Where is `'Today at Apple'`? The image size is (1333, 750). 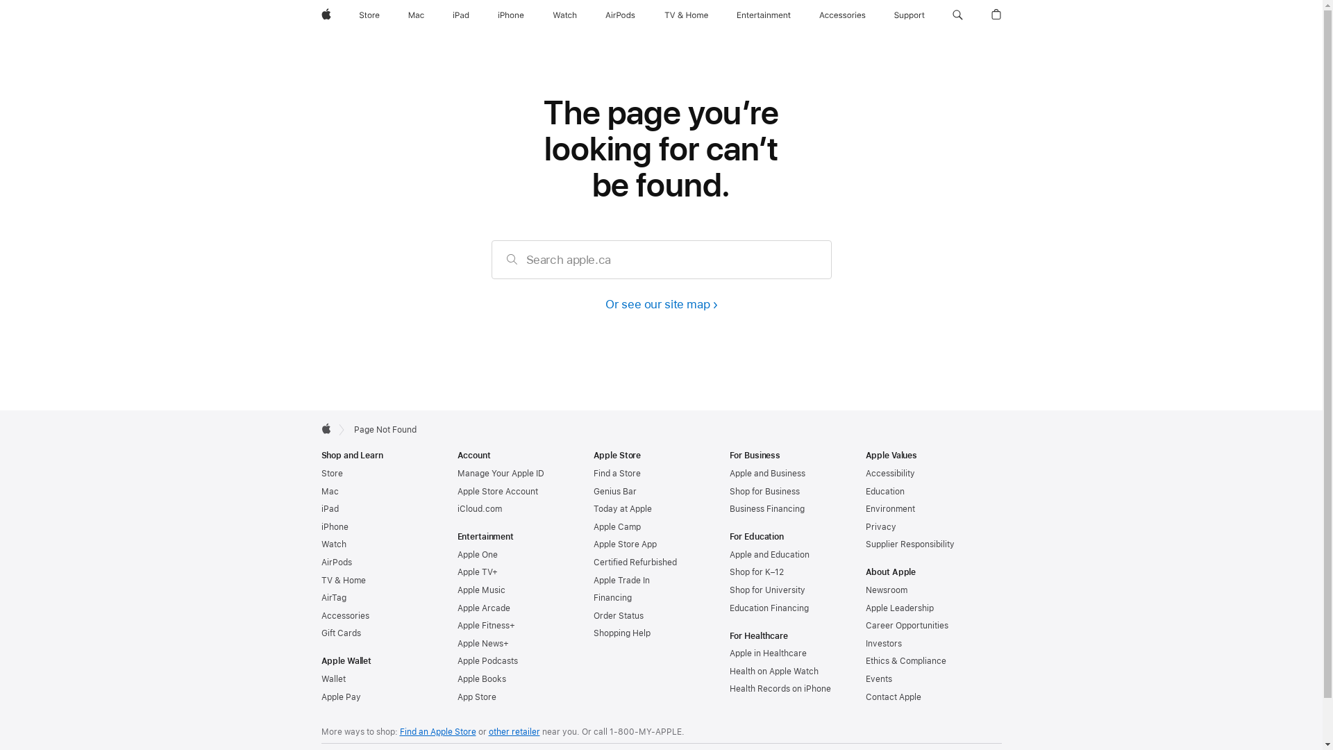
'Today at Apple' is located at coordinates (621, 508).